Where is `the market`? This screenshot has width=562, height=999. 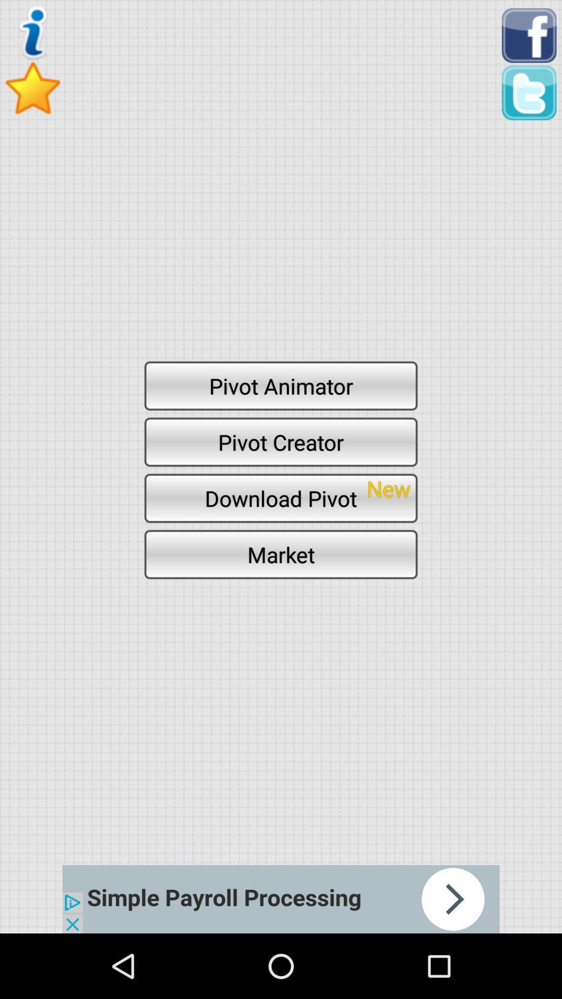 the market is located at coordinates (281, 554).